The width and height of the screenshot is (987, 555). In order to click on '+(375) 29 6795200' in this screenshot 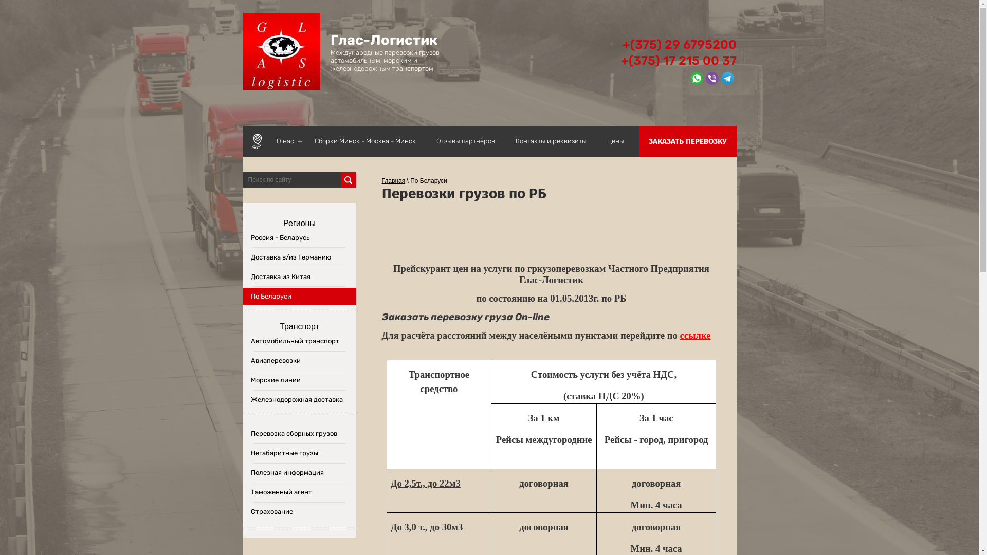, I will do `click(679, 44)`.